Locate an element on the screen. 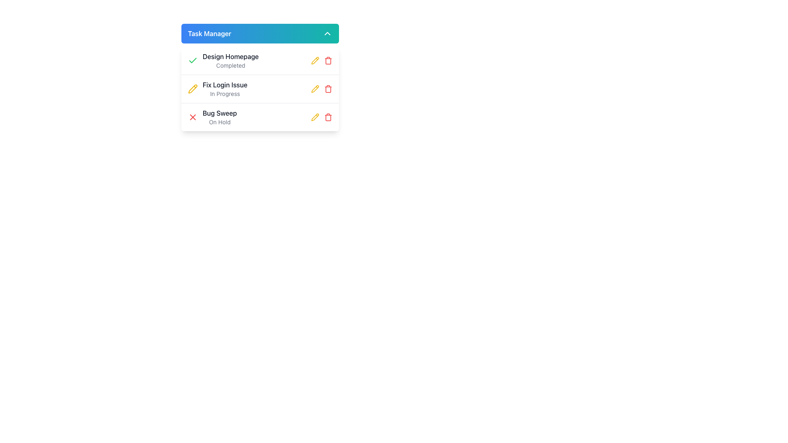 This screenshot has width=788, height=443. the 'Bug Sweep' task title and status display element, which shows 'On Hold' and is located in the third list item of the task manager interface is located at coordinates (220, 117).